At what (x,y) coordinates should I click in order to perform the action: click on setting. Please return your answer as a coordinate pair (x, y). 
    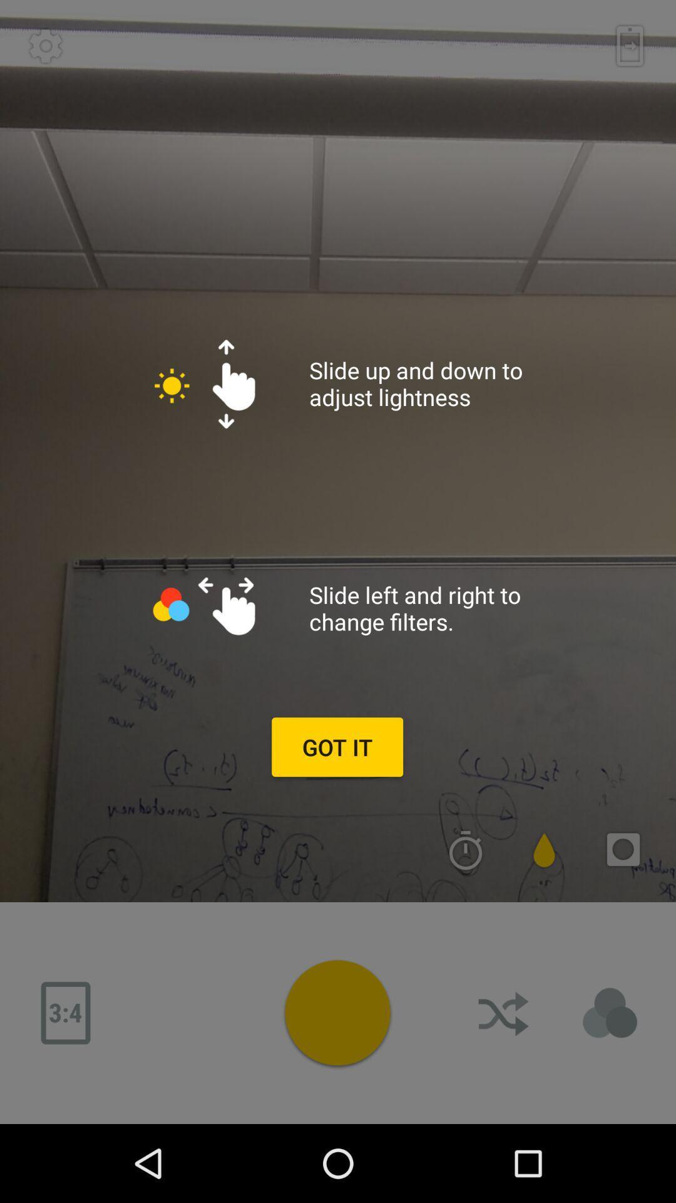
    Looking at the image, I should click on (45, 46).